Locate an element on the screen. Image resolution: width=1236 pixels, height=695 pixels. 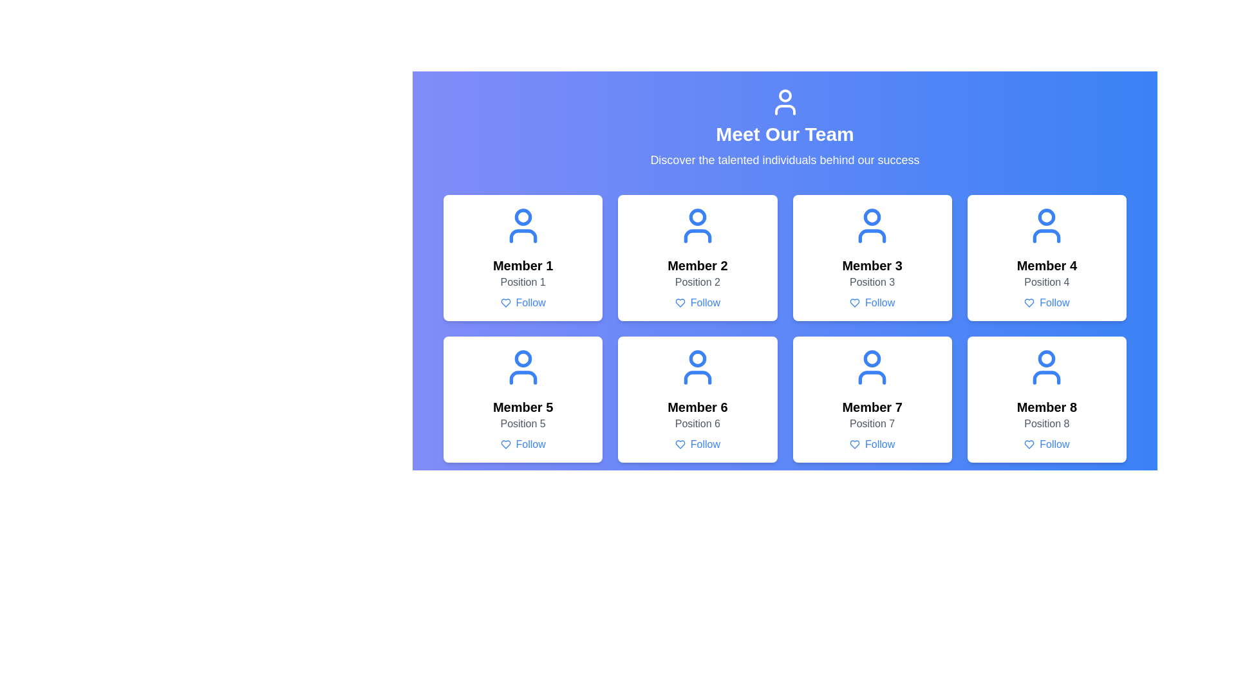
the torso section of the user icon located in the bottom-right tile of the grid layout, which is the second subcomponent of the SVG graphic is located at coordinates (1047, 376).